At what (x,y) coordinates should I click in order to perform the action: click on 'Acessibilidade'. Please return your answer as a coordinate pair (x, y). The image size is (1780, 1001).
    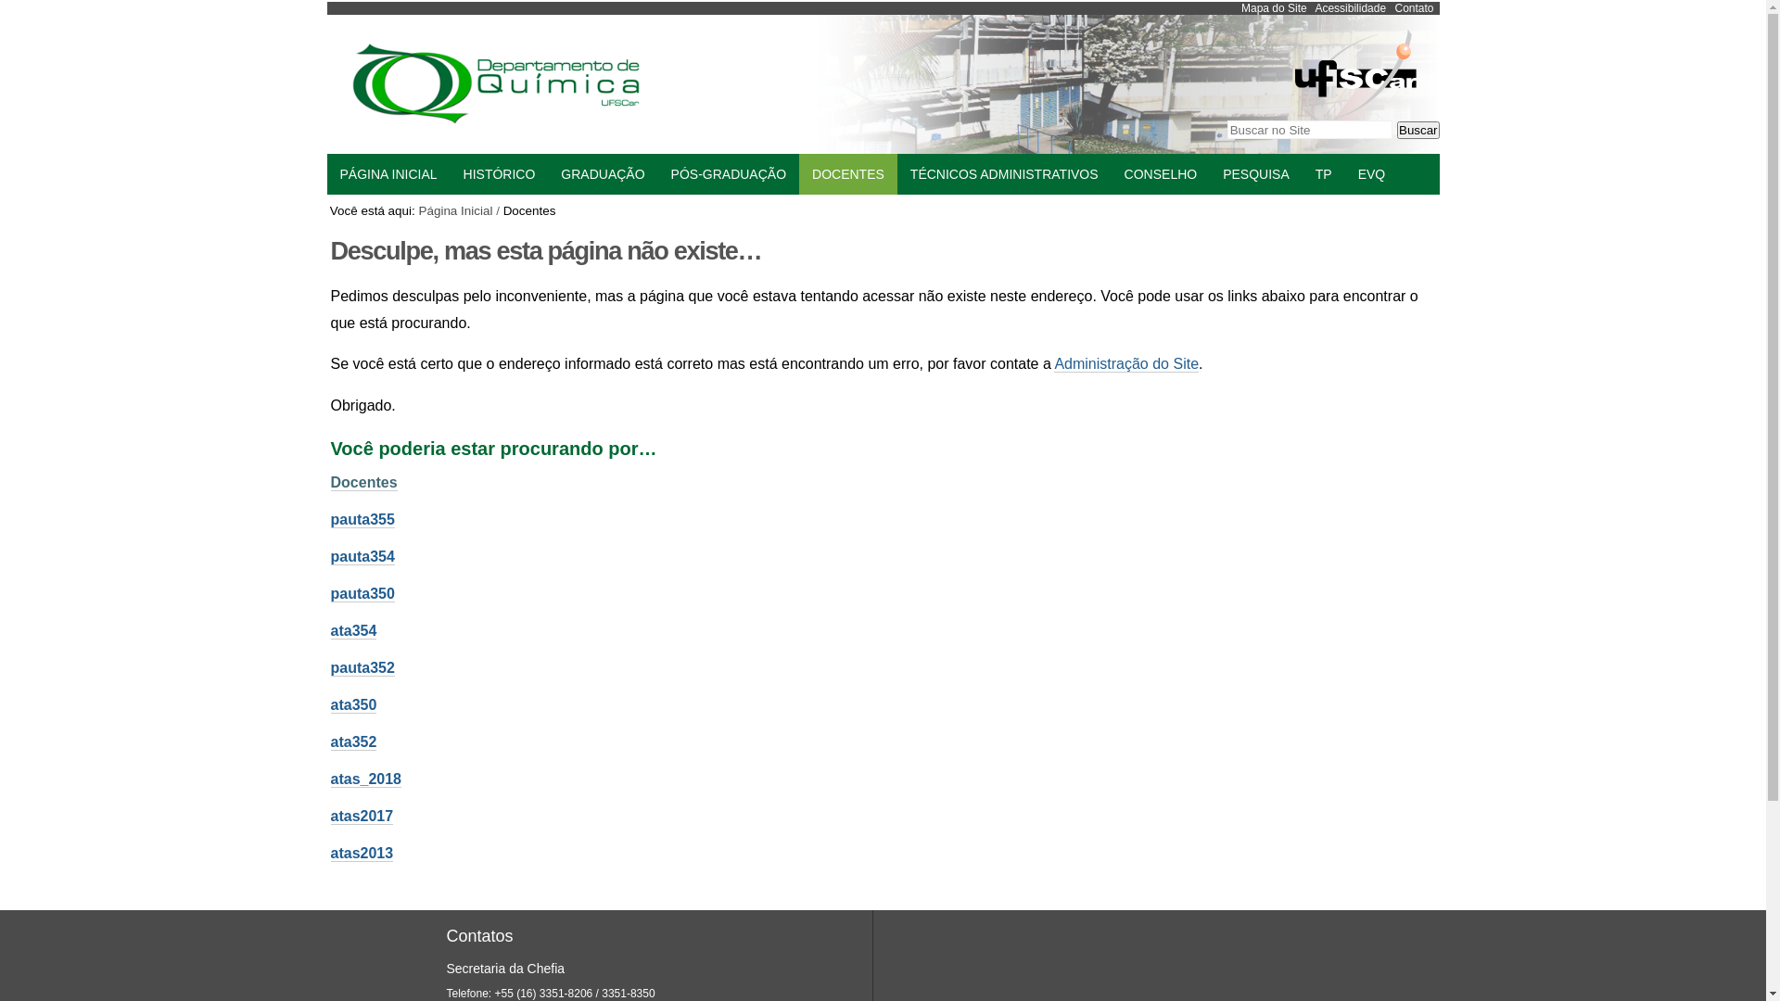
    Looking at the image, I should click on (1350, 7).